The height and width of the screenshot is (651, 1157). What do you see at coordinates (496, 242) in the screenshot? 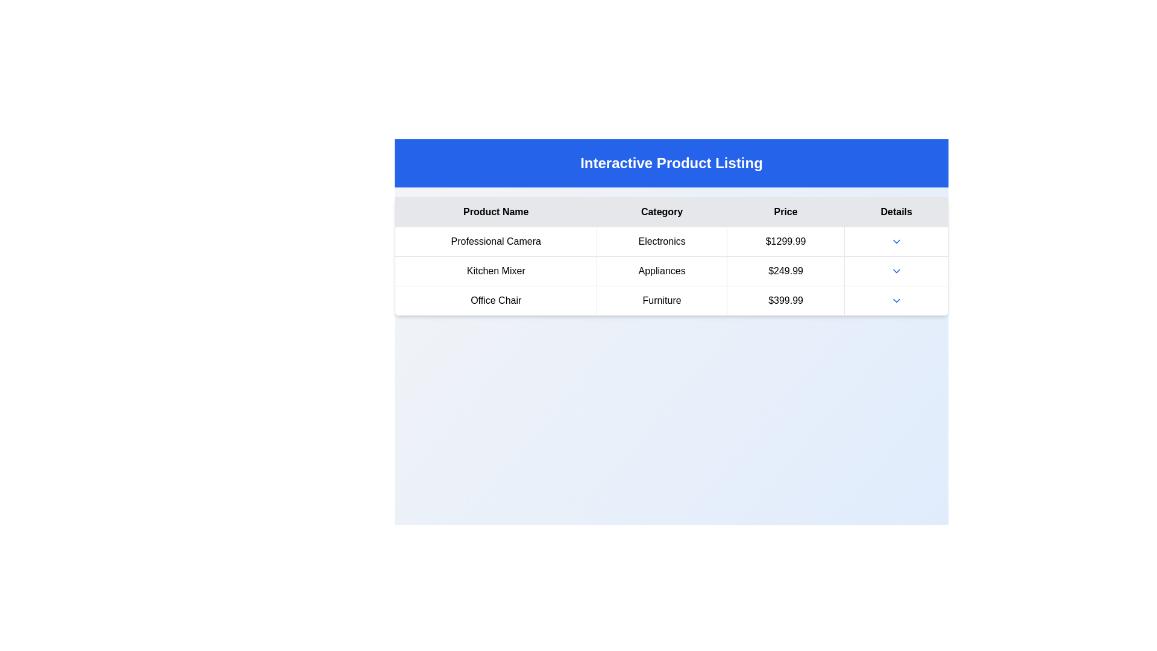
I see `the Text label displaying the product name in the product listing, located under the 'Product Name' column and to the left of 'Electronics'` at bounding box center [496, 242].